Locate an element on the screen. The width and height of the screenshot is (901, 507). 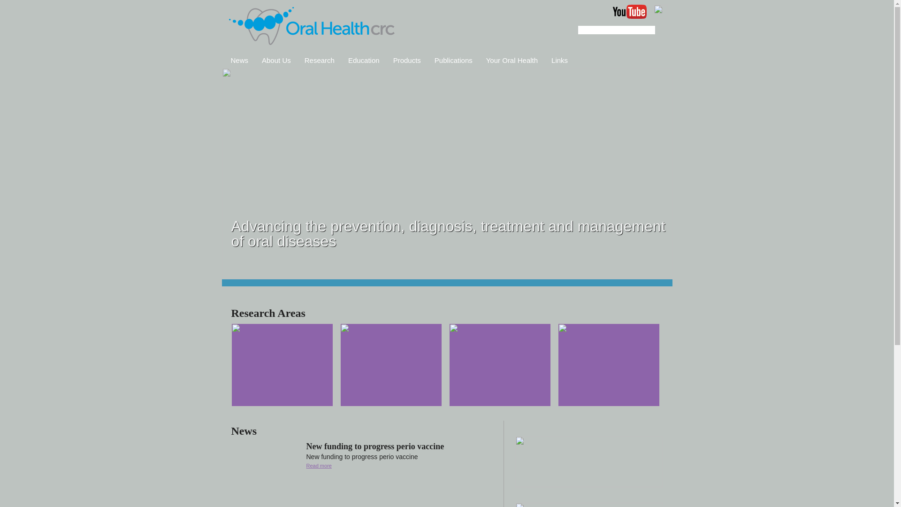
'New funding to progress perio vaccine' is located at coordinates (374, 446).